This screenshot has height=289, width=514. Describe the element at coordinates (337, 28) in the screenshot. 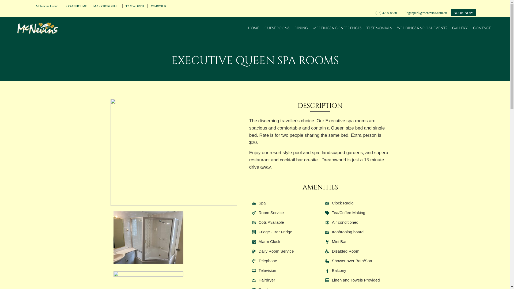

I see `'MEETINGS & CONFERENCES'` at that location.